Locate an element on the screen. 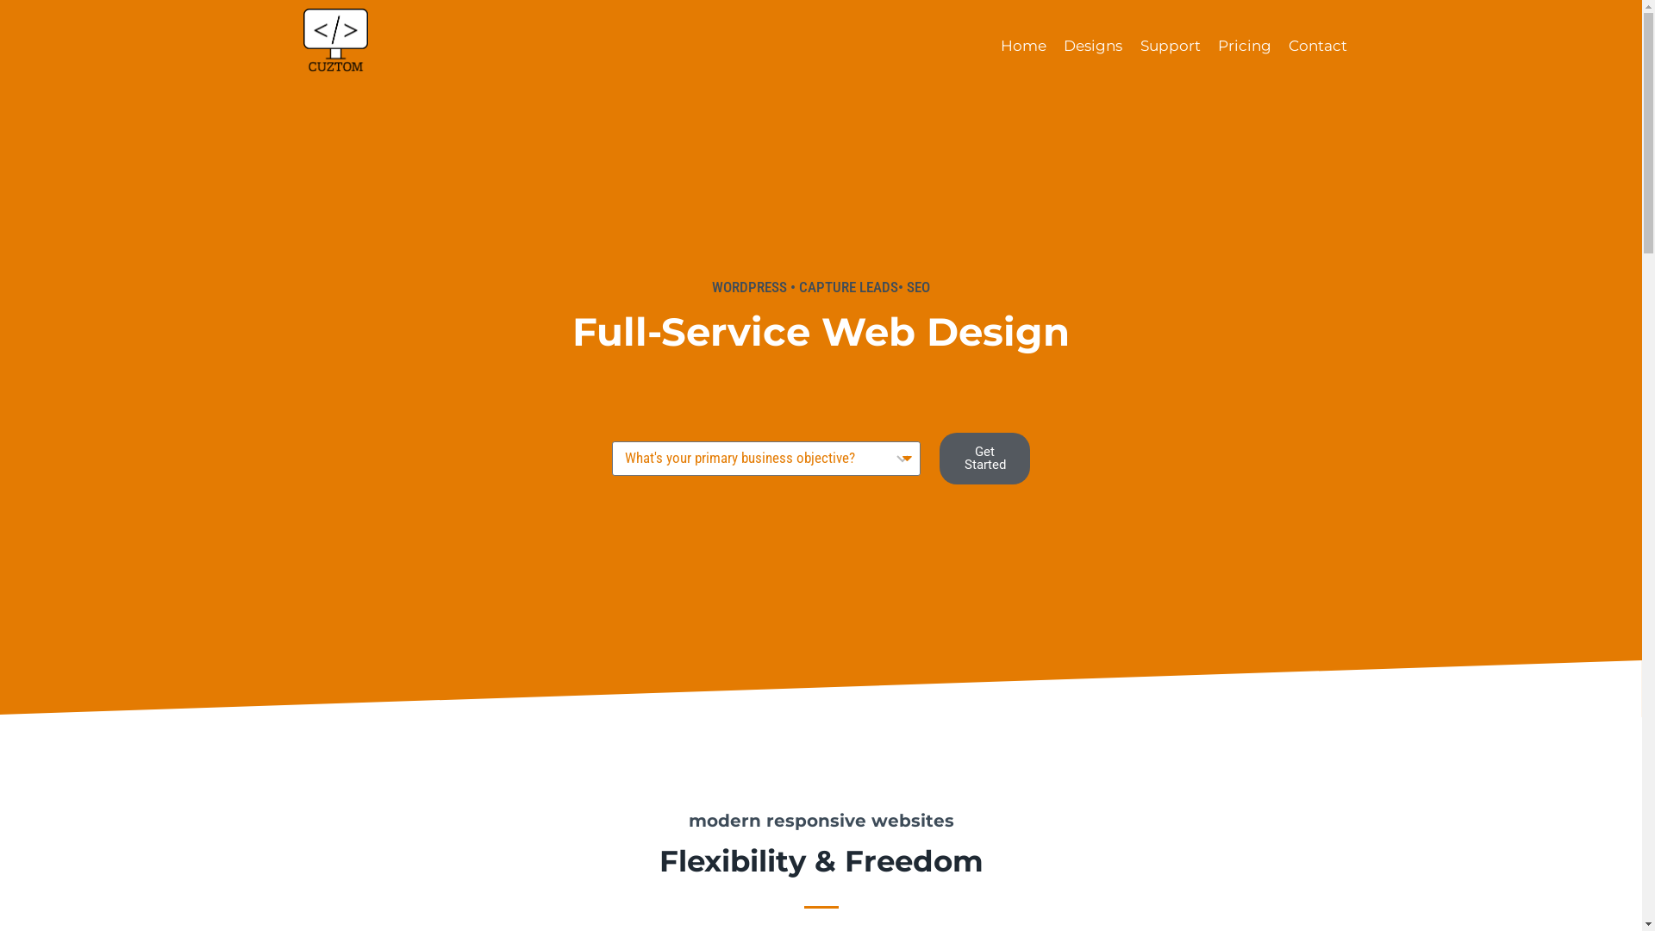 The width and height of the screenshot is (1655, 931). 'Support' is located at coordinates (1170, 46).